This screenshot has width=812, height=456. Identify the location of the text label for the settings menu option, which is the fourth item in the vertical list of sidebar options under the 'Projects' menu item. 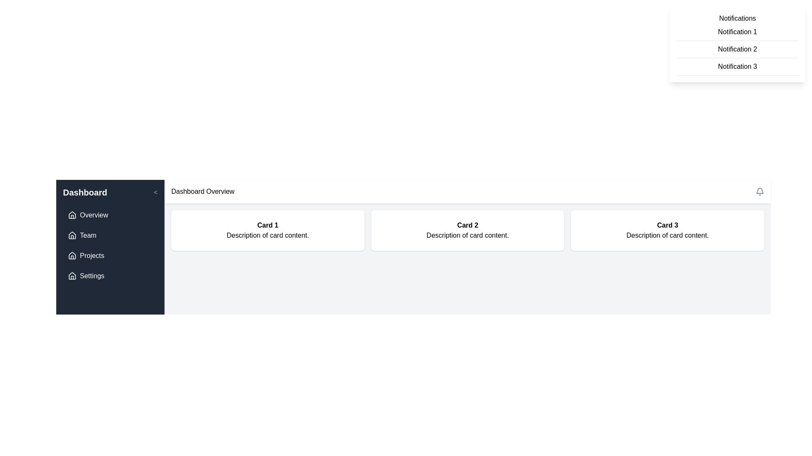
(92, 276).